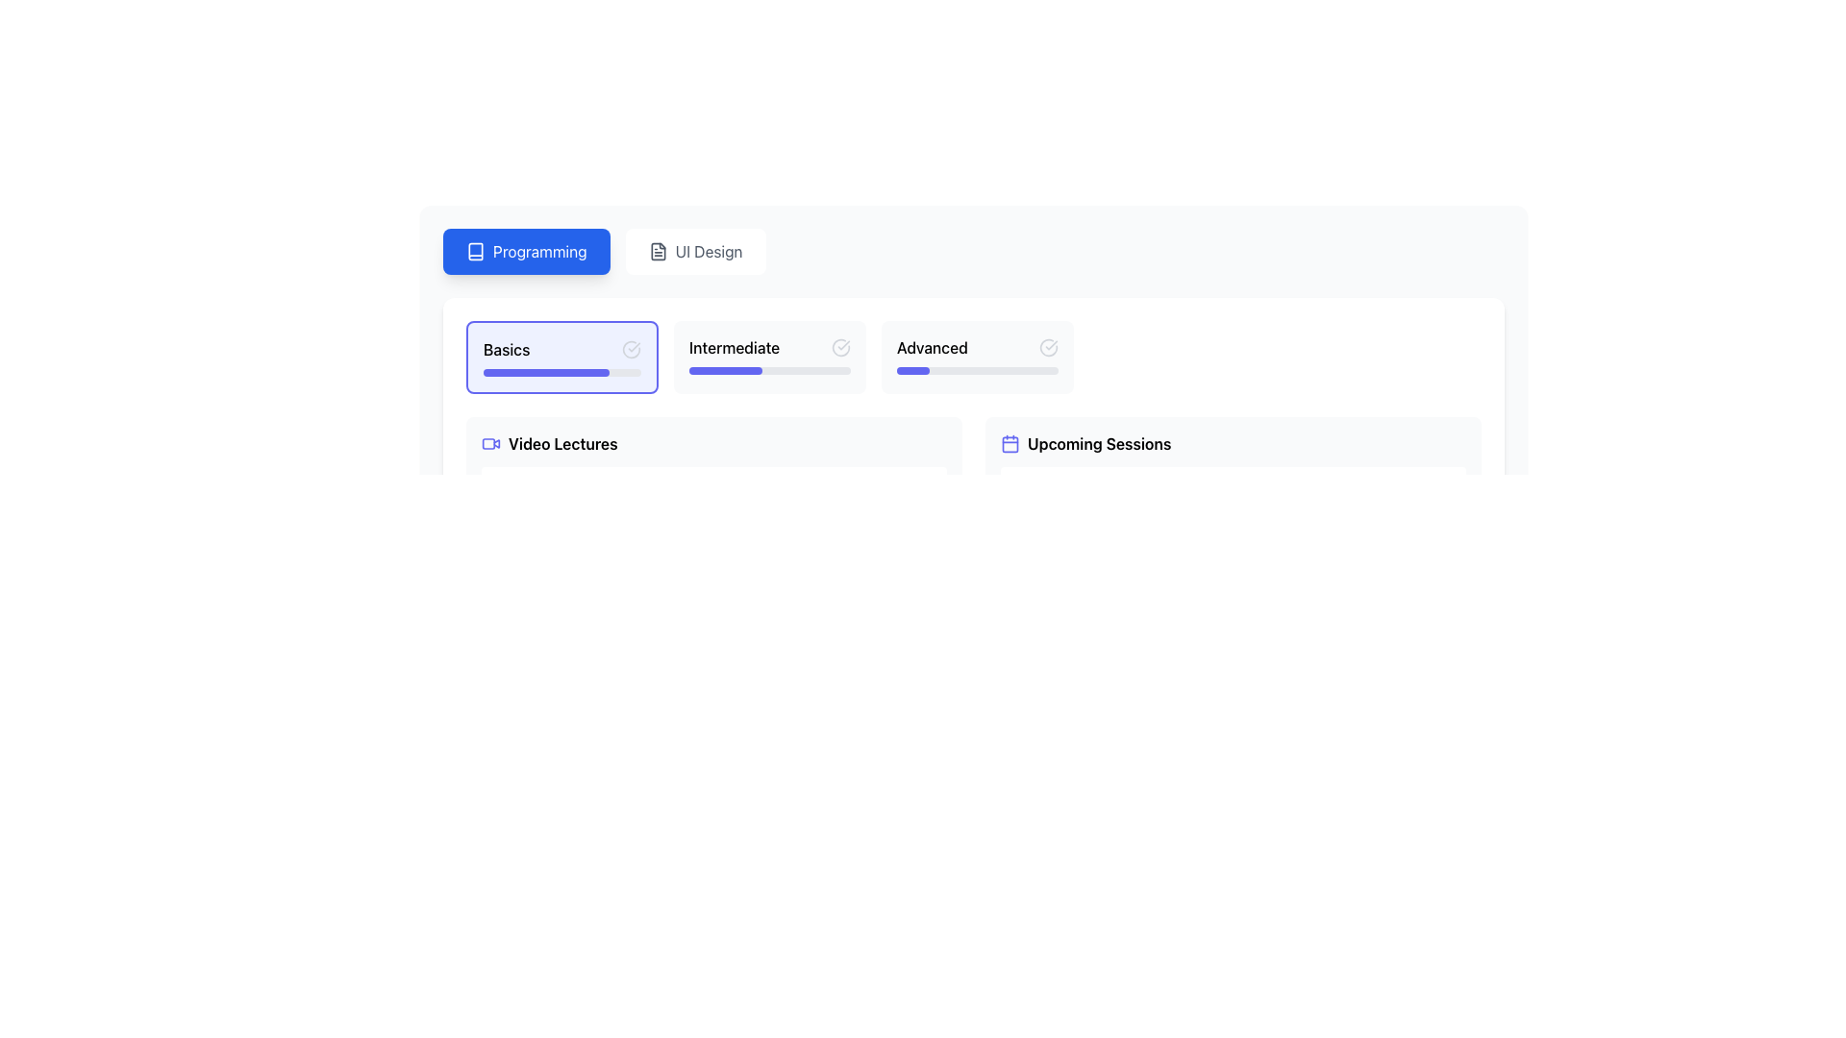 The width and height of the screenshot is (1846, 1038). I want to click on the 'Intermediate' button, which is the second item in a horizontal list of educational level indicators labeled 'Basics', 'Intermediate', and 'Advanced', so click(770, 357).